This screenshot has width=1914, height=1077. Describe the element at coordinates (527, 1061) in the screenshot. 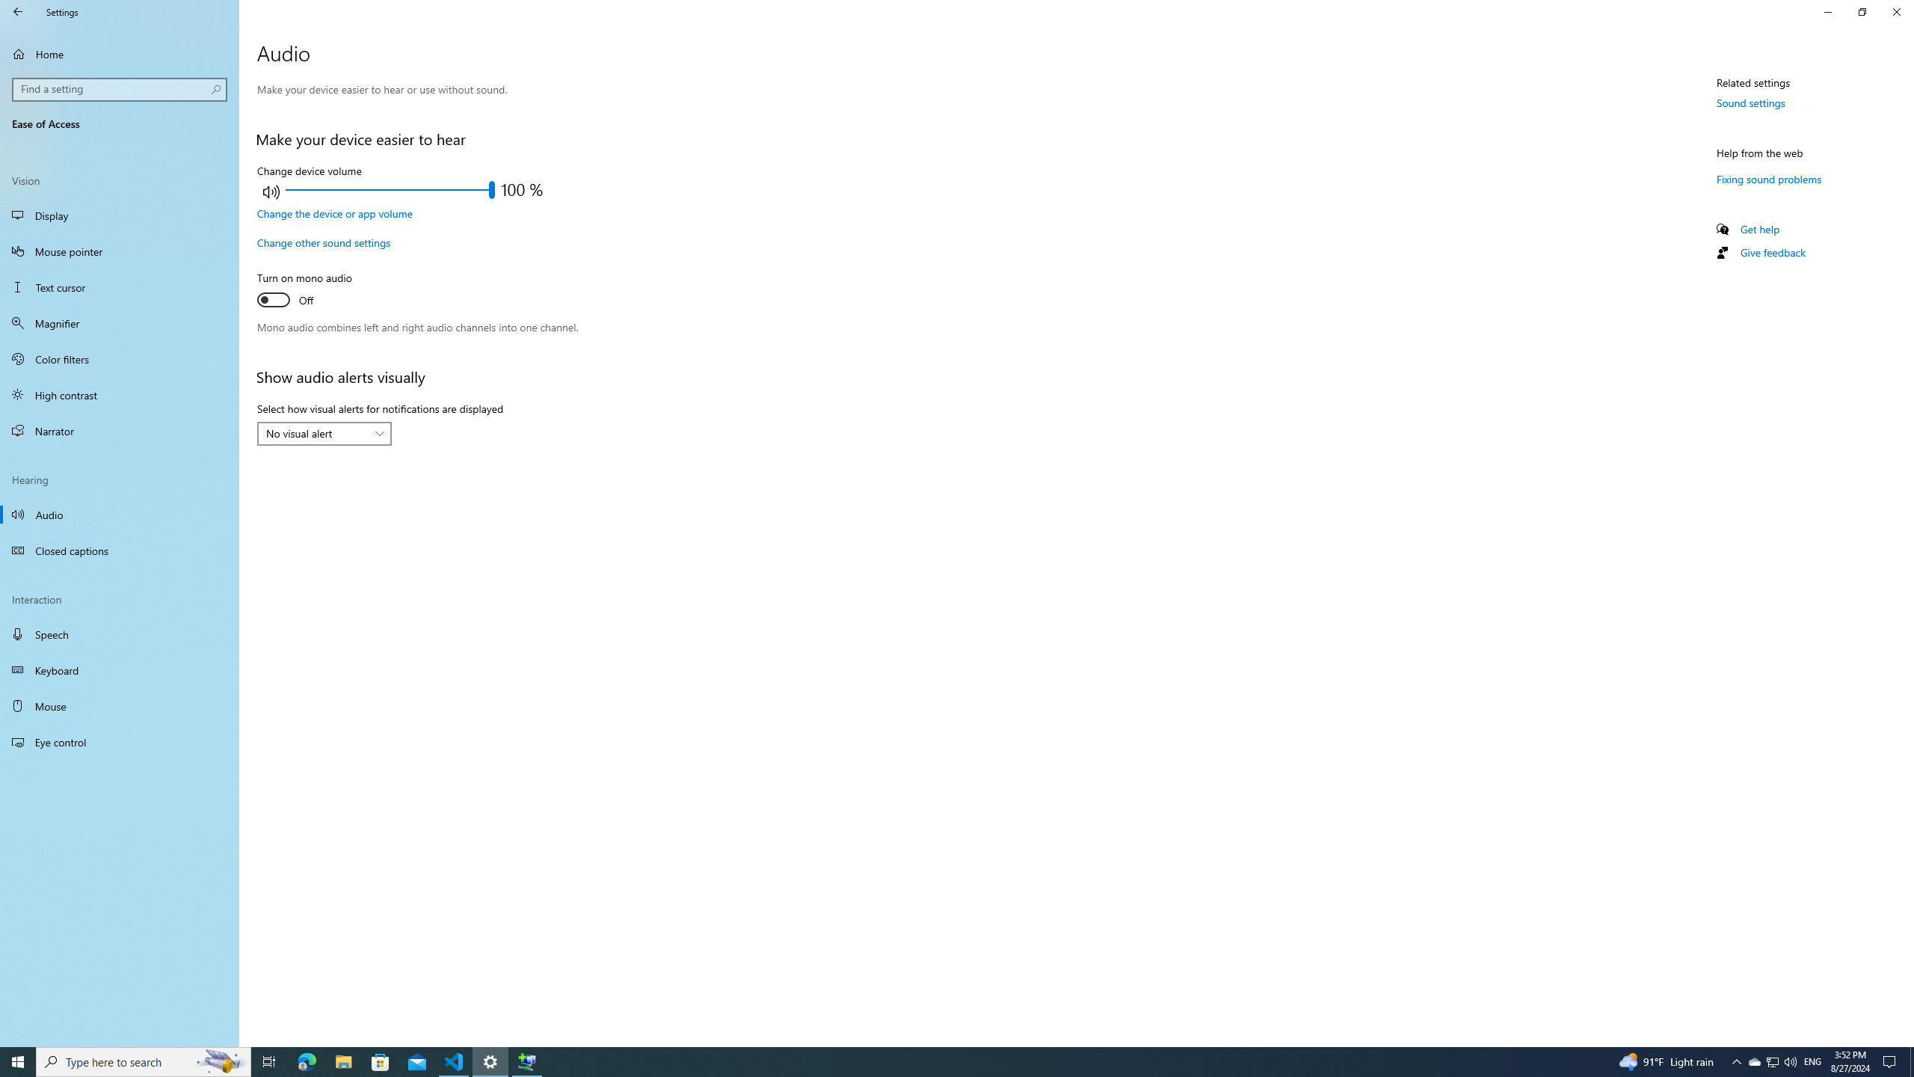

I see `'Extensible Wizards Host Process - 1 running window'` at that location.